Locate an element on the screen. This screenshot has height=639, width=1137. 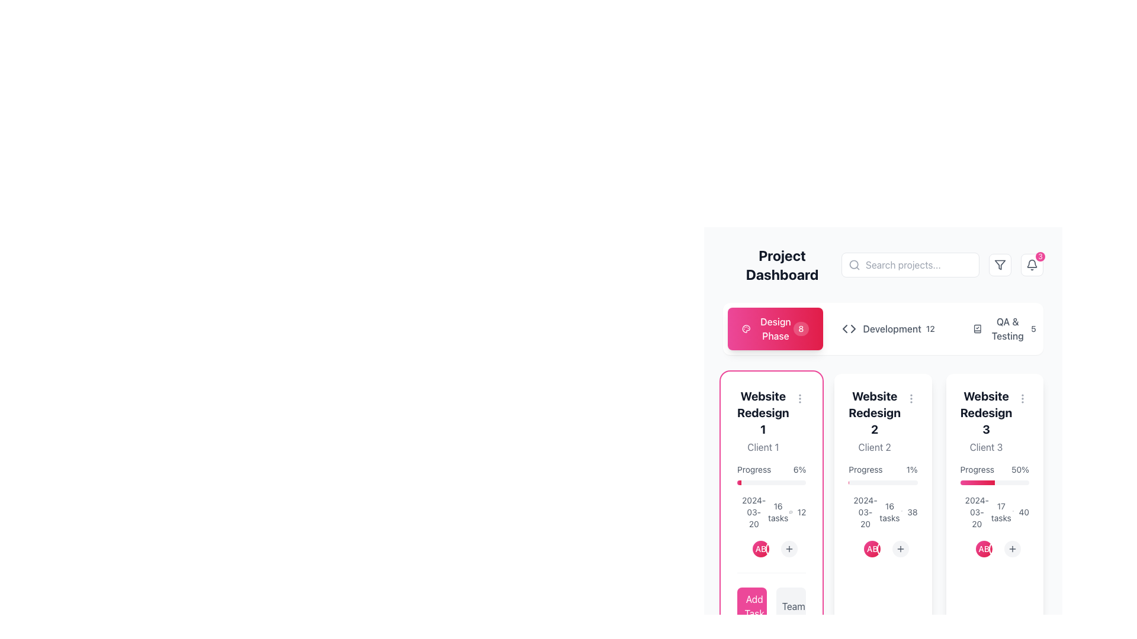
the second circular badge or identifier in the top row, which is centrally aligned and positioned between two other badges with differing gradients is located at coordinates (984, 549).